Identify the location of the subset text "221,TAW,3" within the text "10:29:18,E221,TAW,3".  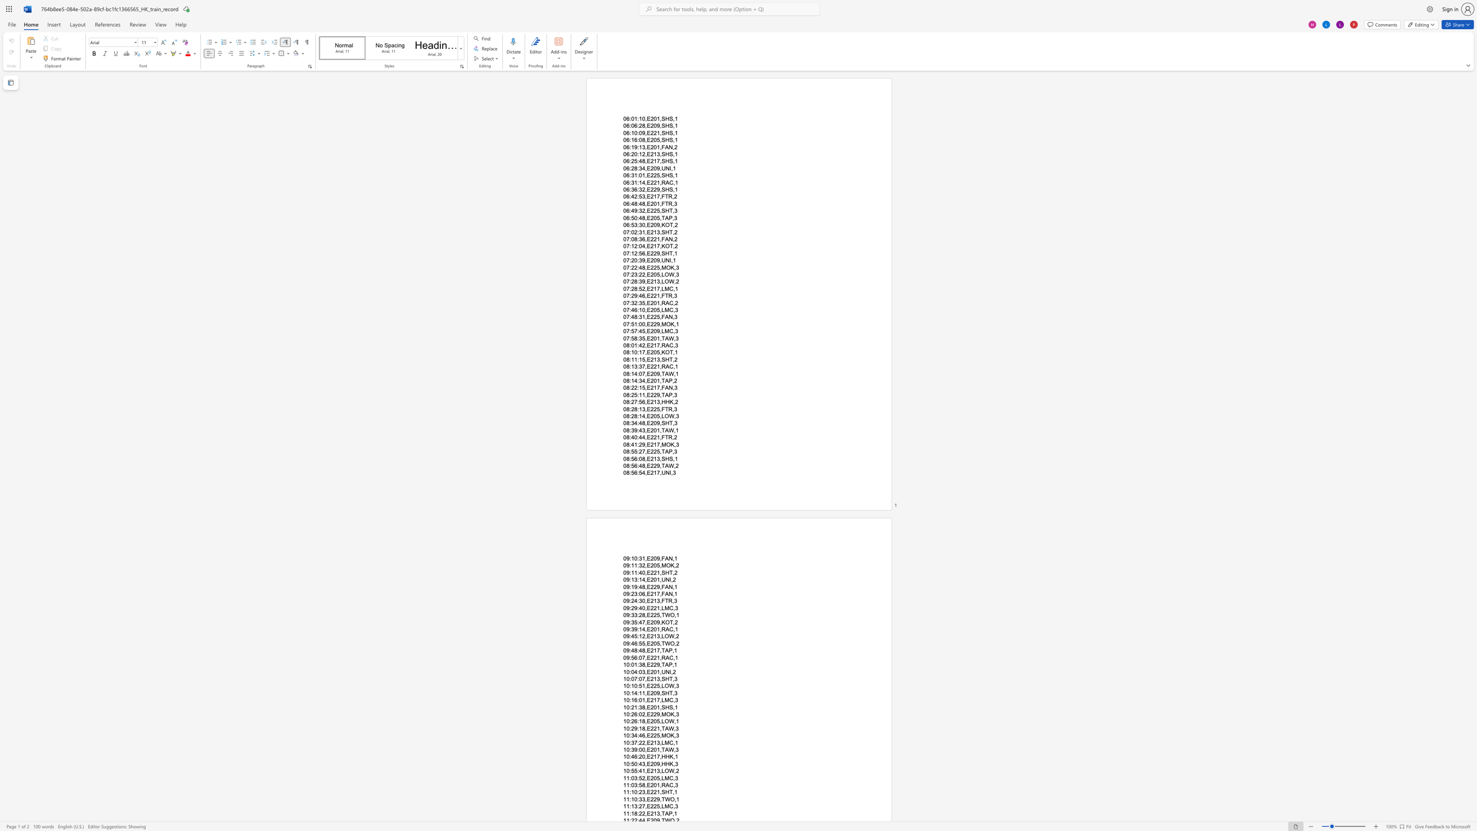
(650, 728).